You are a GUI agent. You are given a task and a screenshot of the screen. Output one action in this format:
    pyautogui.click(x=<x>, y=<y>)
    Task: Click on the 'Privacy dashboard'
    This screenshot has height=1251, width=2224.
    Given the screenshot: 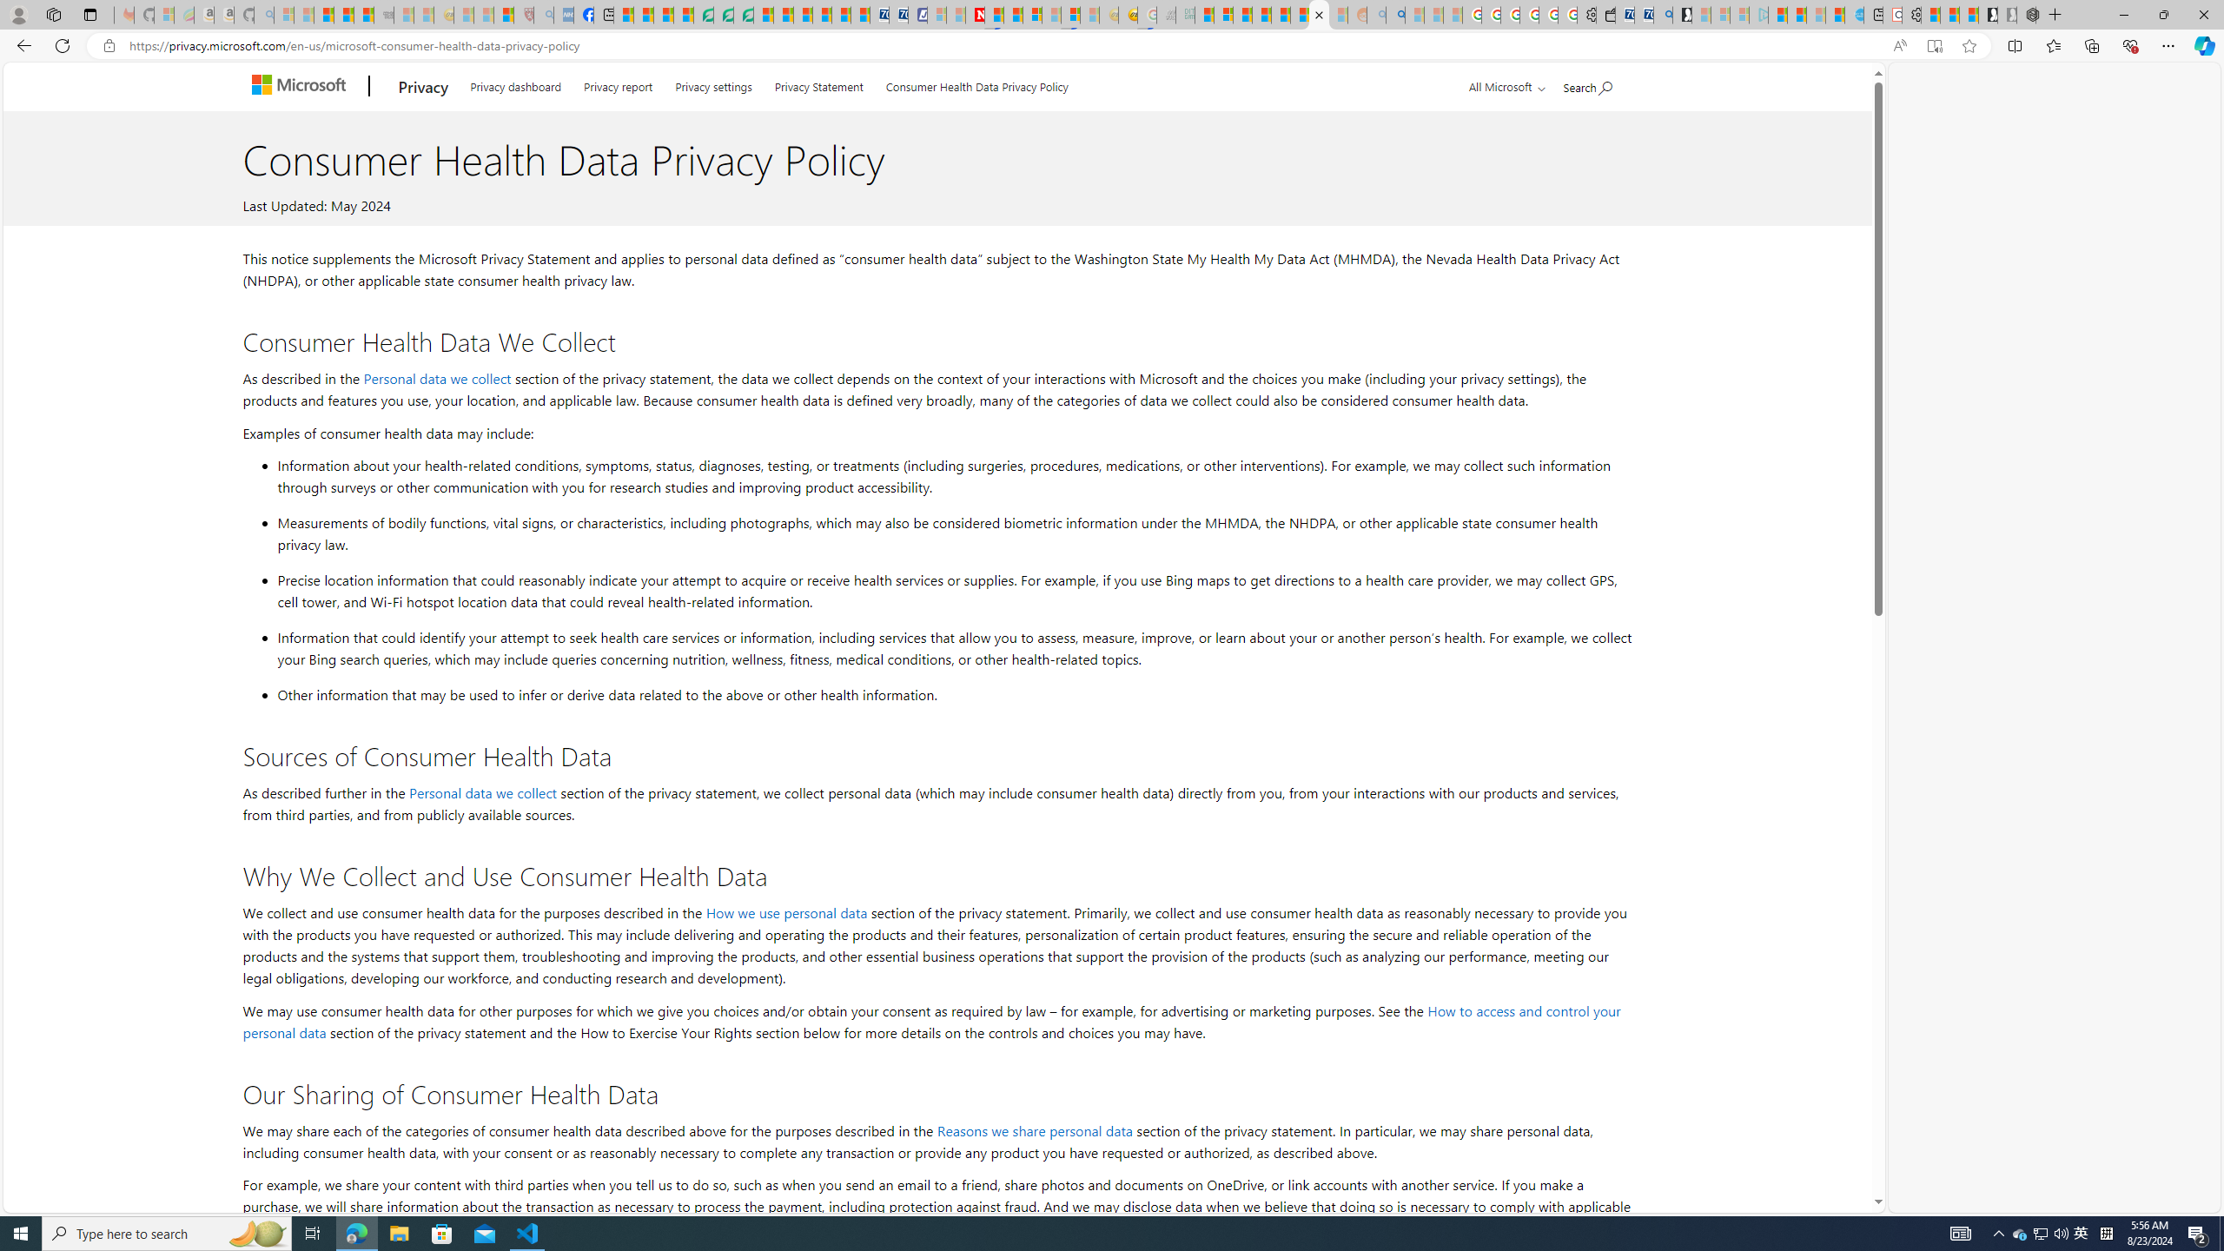 What is the action you would take?
    pyautogui.click(x=514, y=83)
    